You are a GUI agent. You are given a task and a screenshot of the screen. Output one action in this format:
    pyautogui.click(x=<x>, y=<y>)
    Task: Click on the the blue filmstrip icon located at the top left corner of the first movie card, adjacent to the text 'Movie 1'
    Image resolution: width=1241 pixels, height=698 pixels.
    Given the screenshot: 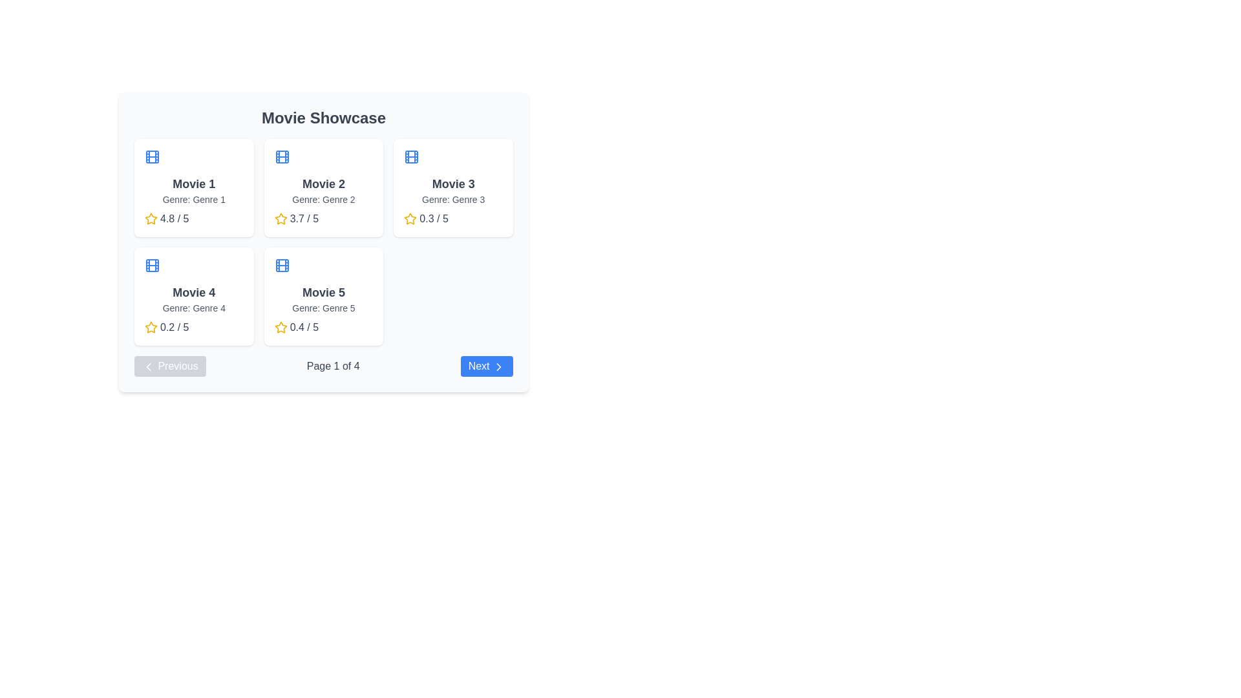 What is the action you would take?
    pyautogui.click(x=152, y=156)
    